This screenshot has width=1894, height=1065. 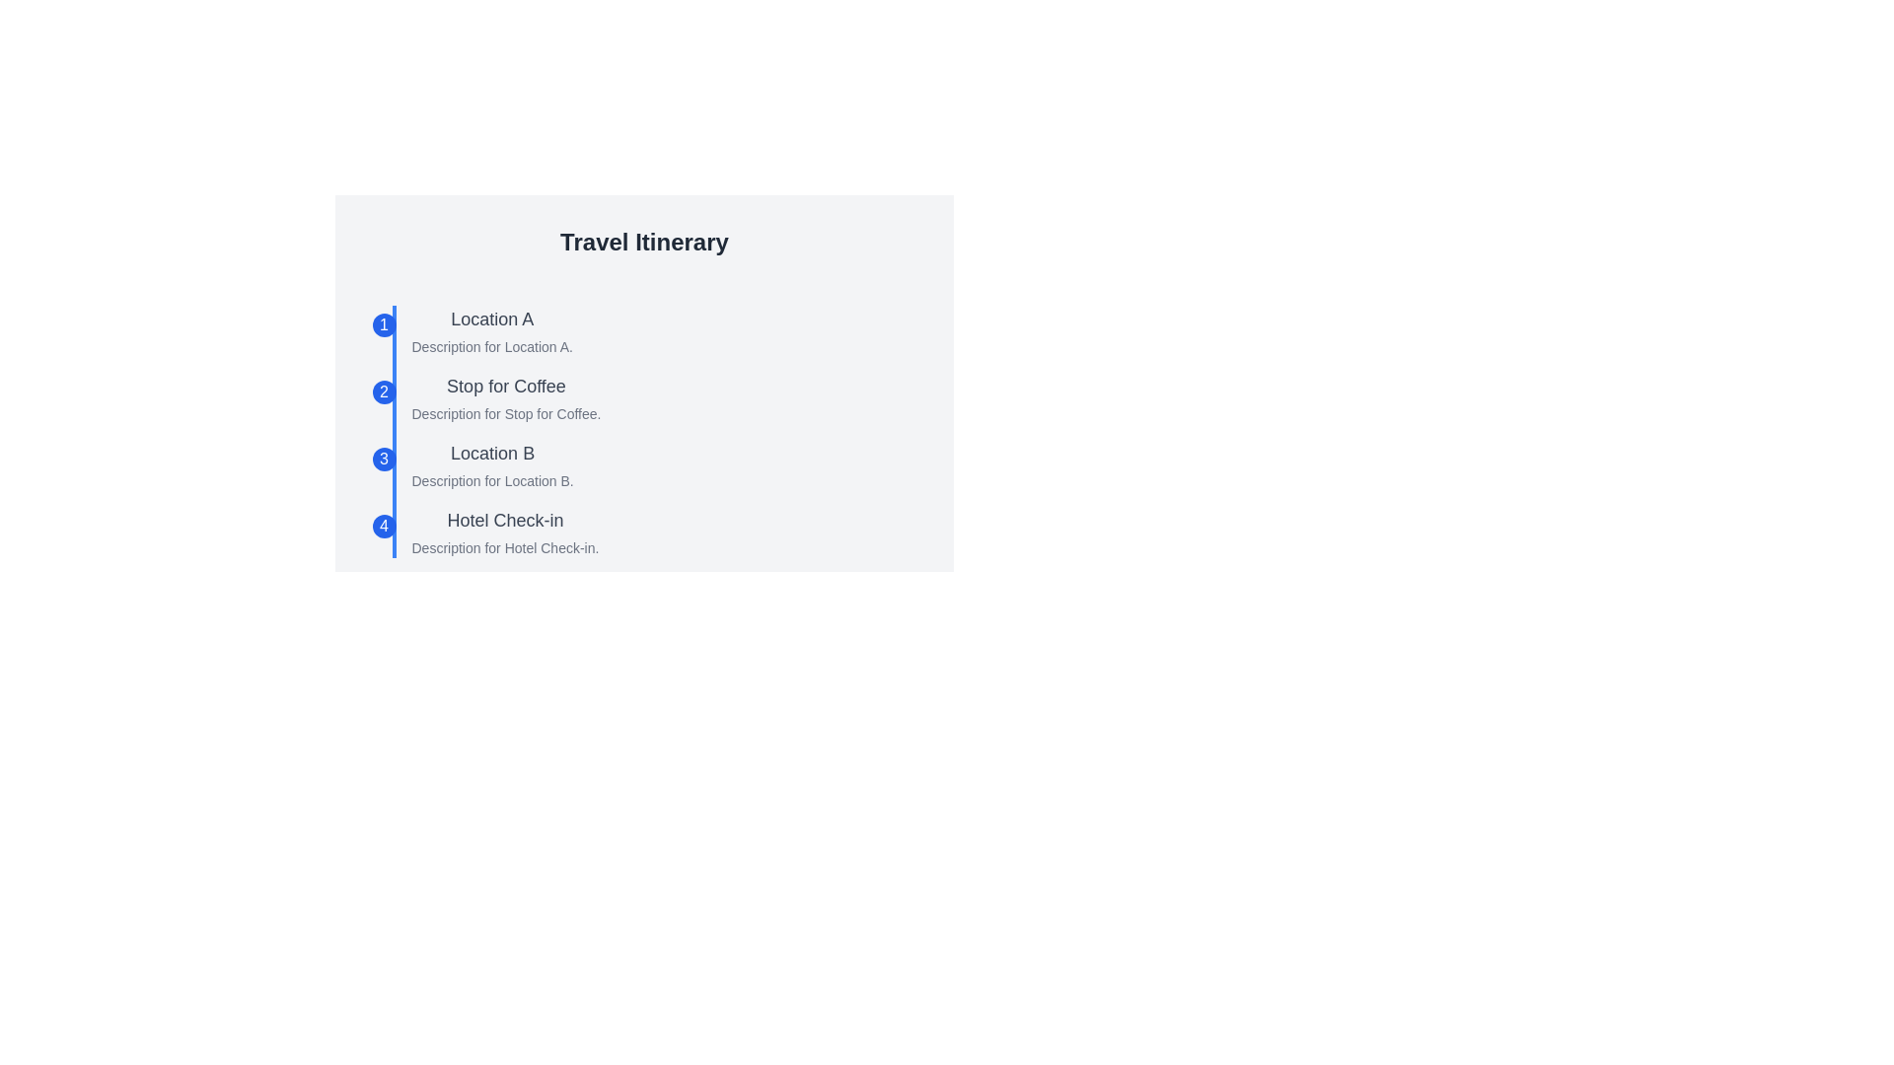 What do you see at coordinates (646, 398) in the screenshot?
I see `the second item in the travel itinerary list, which provides information about a stop, located between 'Location A' and 'Location B'` at bounding box center [646, 398].